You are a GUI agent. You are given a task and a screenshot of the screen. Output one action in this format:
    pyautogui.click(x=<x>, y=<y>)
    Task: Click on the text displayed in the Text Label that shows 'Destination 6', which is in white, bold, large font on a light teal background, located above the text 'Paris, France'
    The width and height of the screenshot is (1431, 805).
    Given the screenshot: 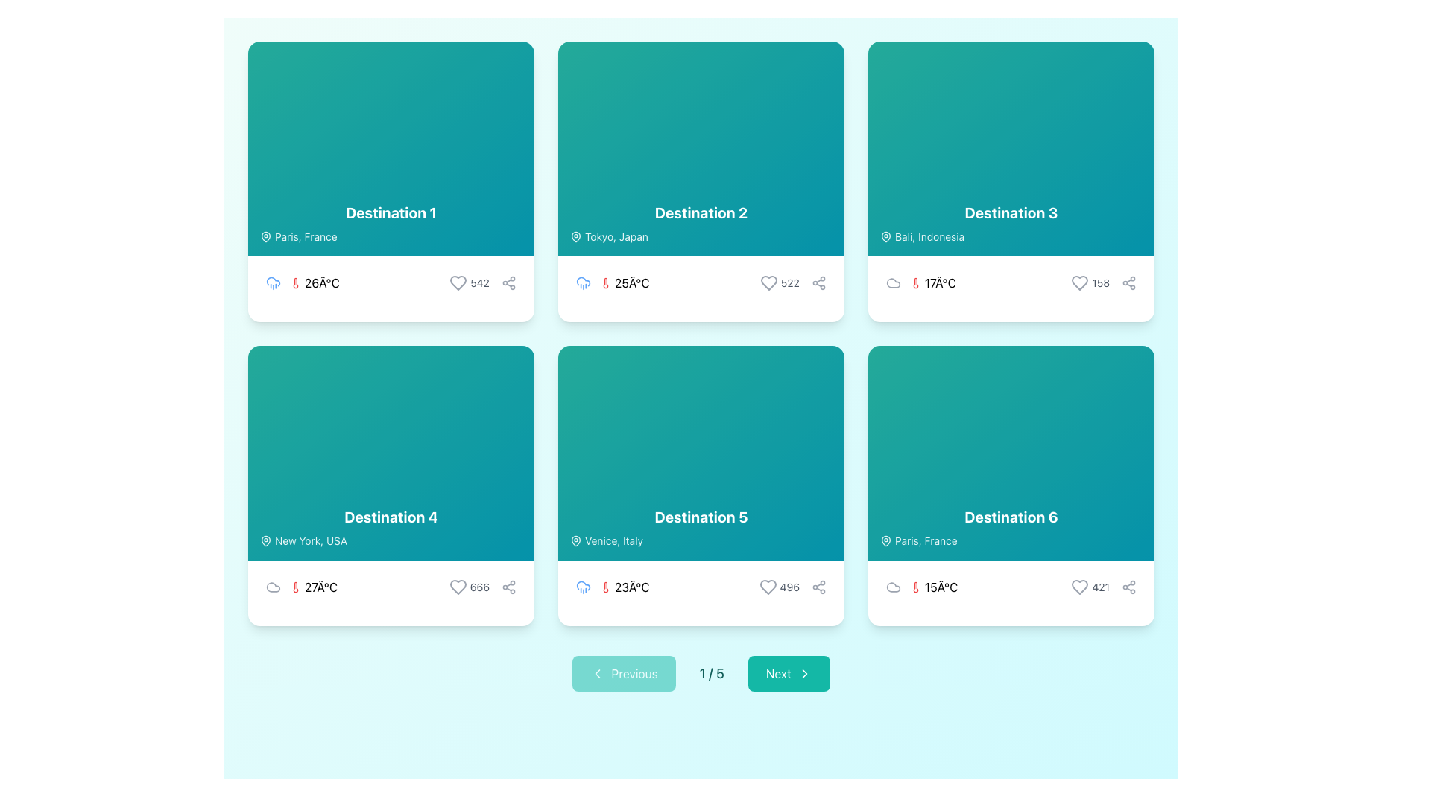 What is the action you would take?
    pyautogui.click(x=1011, y=517)
    